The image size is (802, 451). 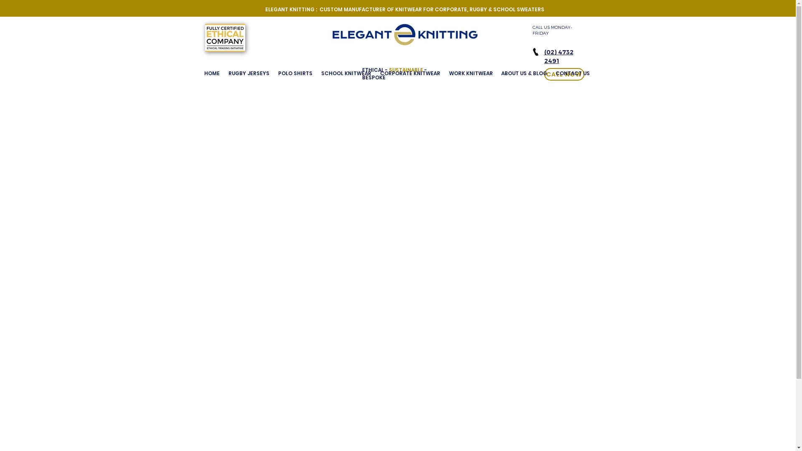 I want to click on 'CORPORATE KNITWEAR', so click(x=410, y=73).